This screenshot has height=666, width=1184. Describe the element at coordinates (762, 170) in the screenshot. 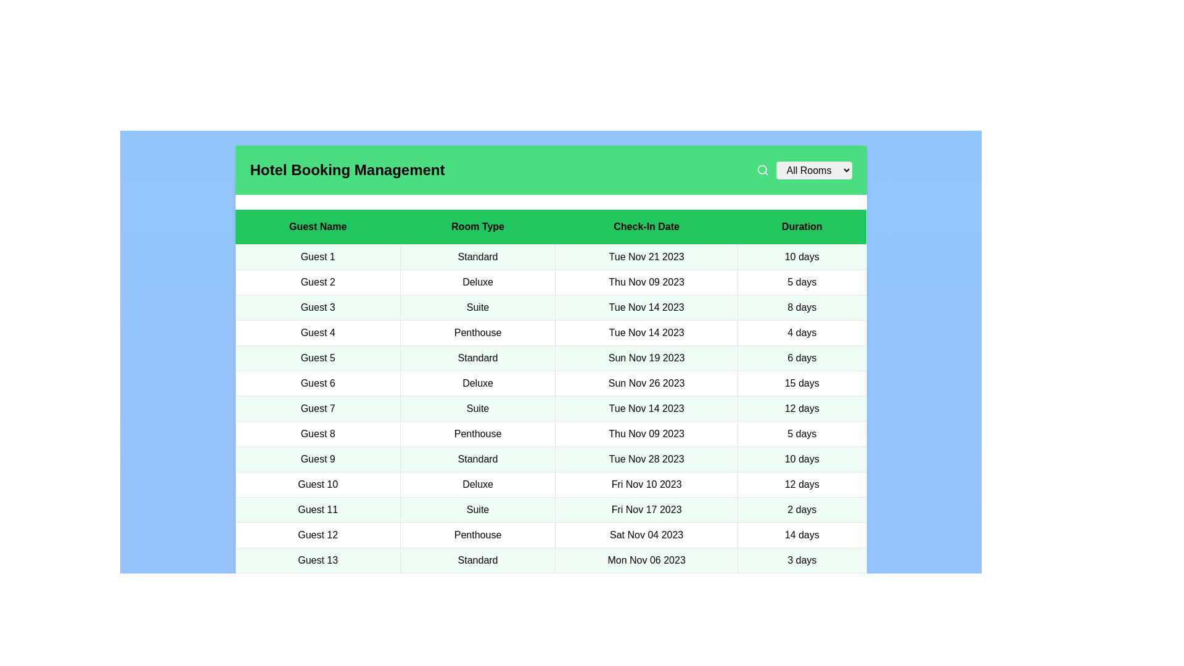

I see `the search icon to initiate a search` at that location.